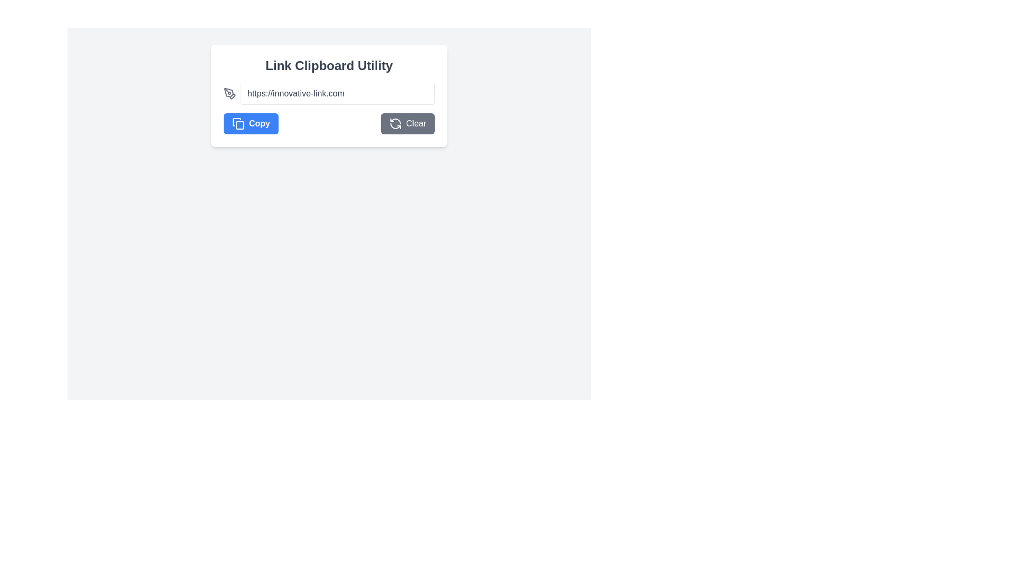  I want to click on the reset button located at the bottom-right of the control bar, adjacent to the 'Copy' button, to clear the associated data or reset the field, so click(407, 123).